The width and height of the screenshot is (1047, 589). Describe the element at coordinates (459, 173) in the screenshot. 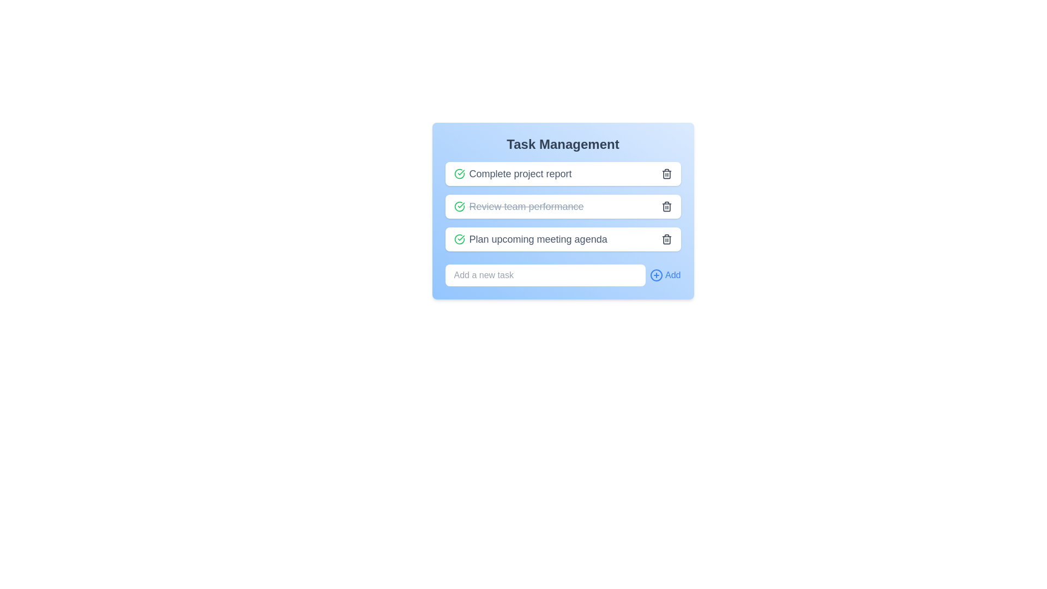

I see `the small circular icon button with a green border and checkmark` at that location.